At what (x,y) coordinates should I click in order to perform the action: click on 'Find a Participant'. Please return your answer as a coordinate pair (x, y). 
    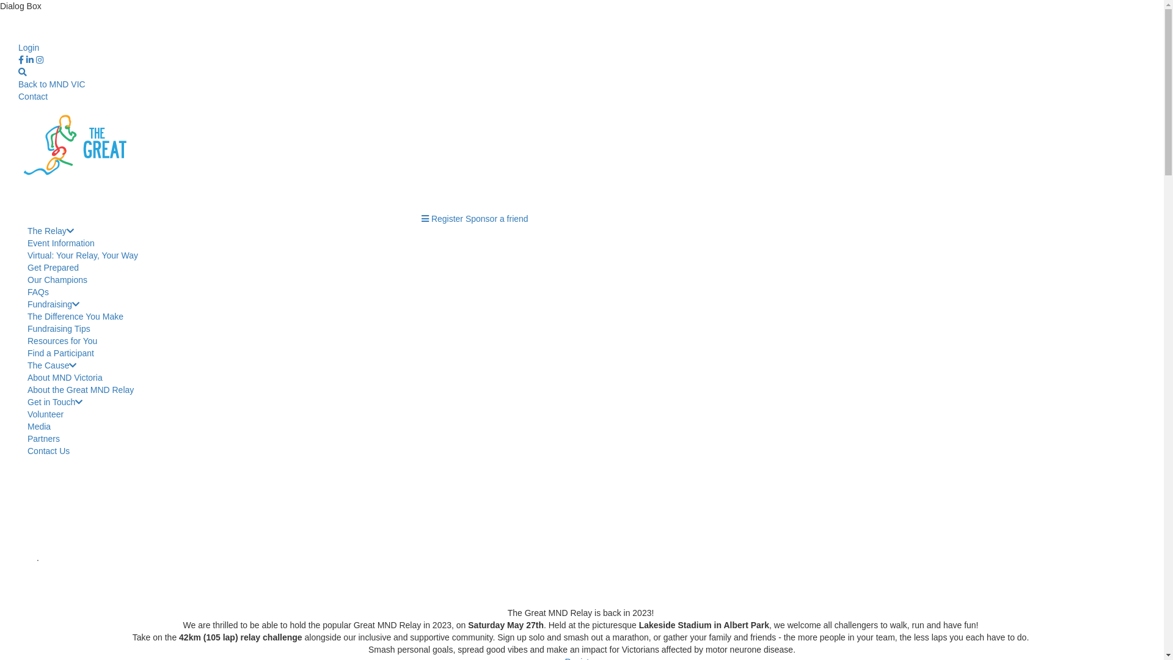
    Looking at the image, I should click on (60, 353).